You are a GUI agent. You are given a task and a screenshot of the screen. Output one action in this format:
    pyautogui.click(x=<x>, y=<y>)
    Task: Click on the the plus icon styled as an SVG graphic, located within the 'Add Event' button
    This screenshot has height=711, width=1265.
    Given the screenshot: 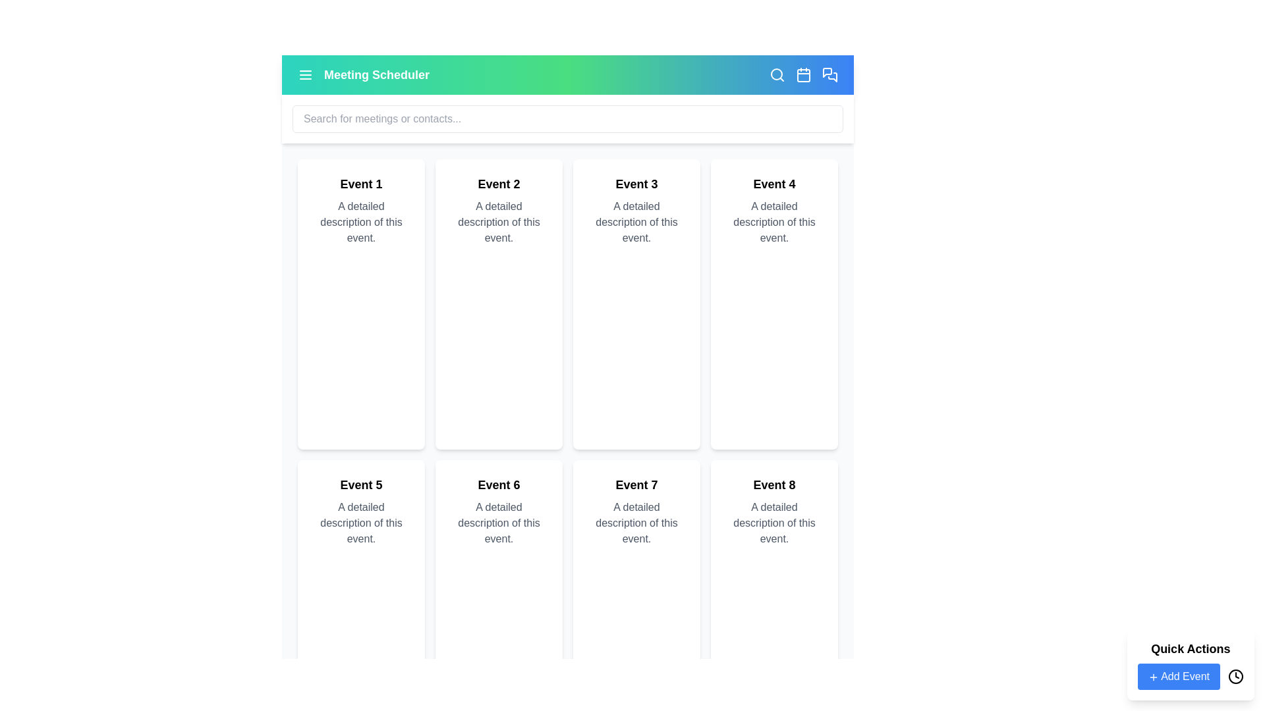 What is the action you would take?
    pyautogui.click(x=1152, y=677)
    